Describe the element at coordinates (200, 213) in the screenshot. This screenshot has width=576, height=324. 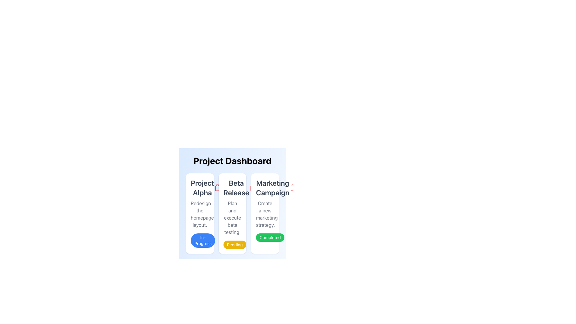
I see `the 'In-Progress' button on the first project card in the grid layout under the 'Project Dashboard' heading` at that location.